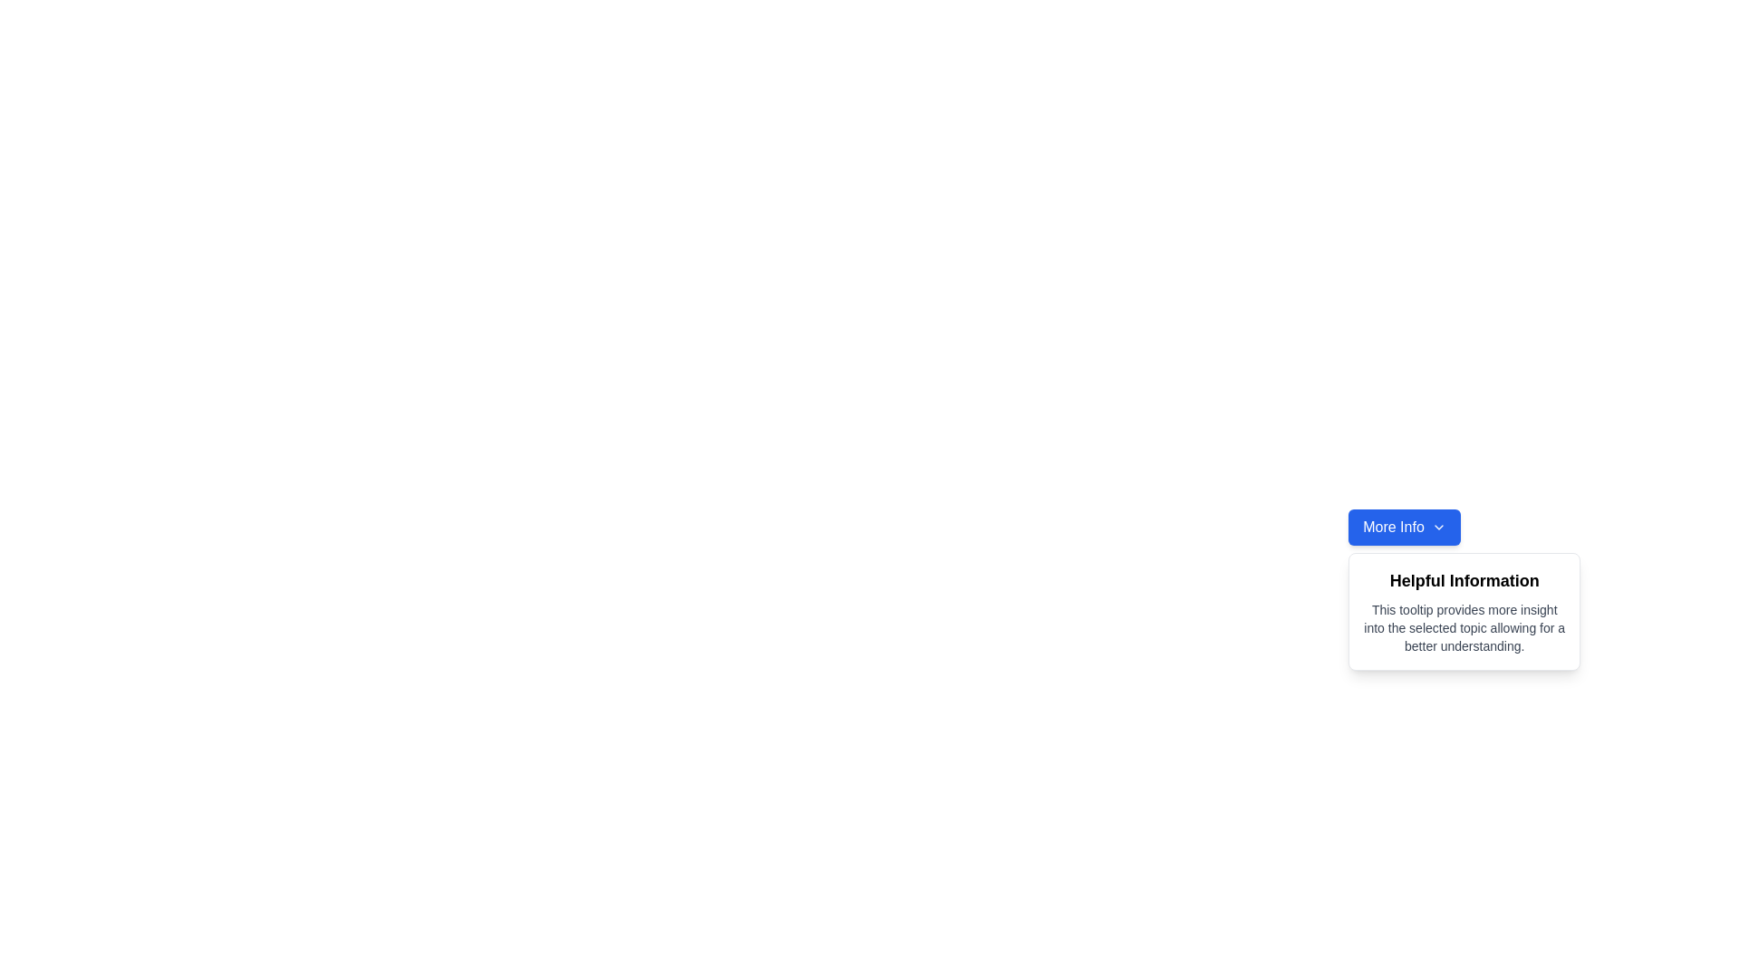 This screenshot has width=1740, height=979. What do you see at coordinates (1392, 528) in the screenshot?
I see `the 'More Info' button which is a blue rectangular button with white text centrally aligned` at bounding box center [1392, 528].